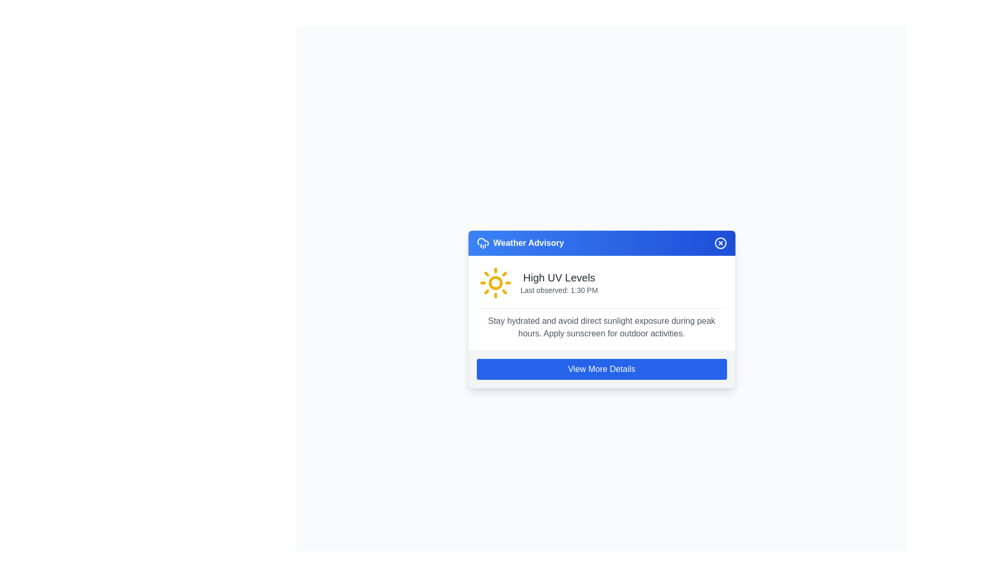  Describe the element at coordinates (495, 282) in the screenshot. I see `the central circle of the sun icon in the weather advisory dialog box that represents the sun's core and emphasizes the UV level alert` at that location.